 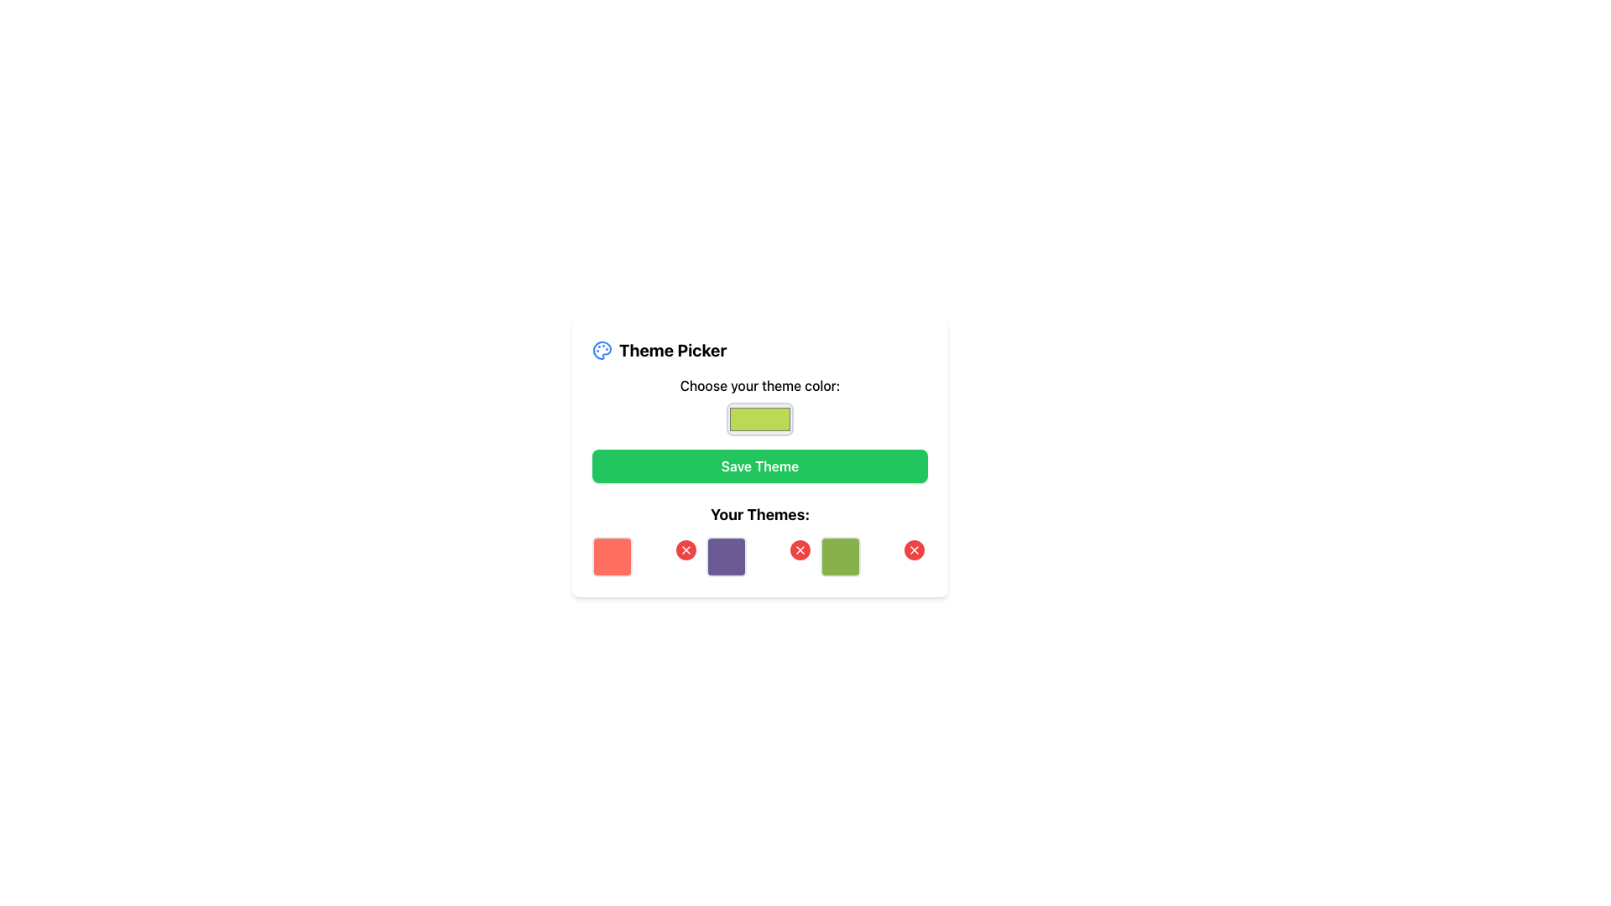 What do you see at coordinates (602, 349) in the screenshot?
I see `the blue painter's palette SVG icon located to the left of the 'Theme Picker' title text` at bounding box center [602, 349].